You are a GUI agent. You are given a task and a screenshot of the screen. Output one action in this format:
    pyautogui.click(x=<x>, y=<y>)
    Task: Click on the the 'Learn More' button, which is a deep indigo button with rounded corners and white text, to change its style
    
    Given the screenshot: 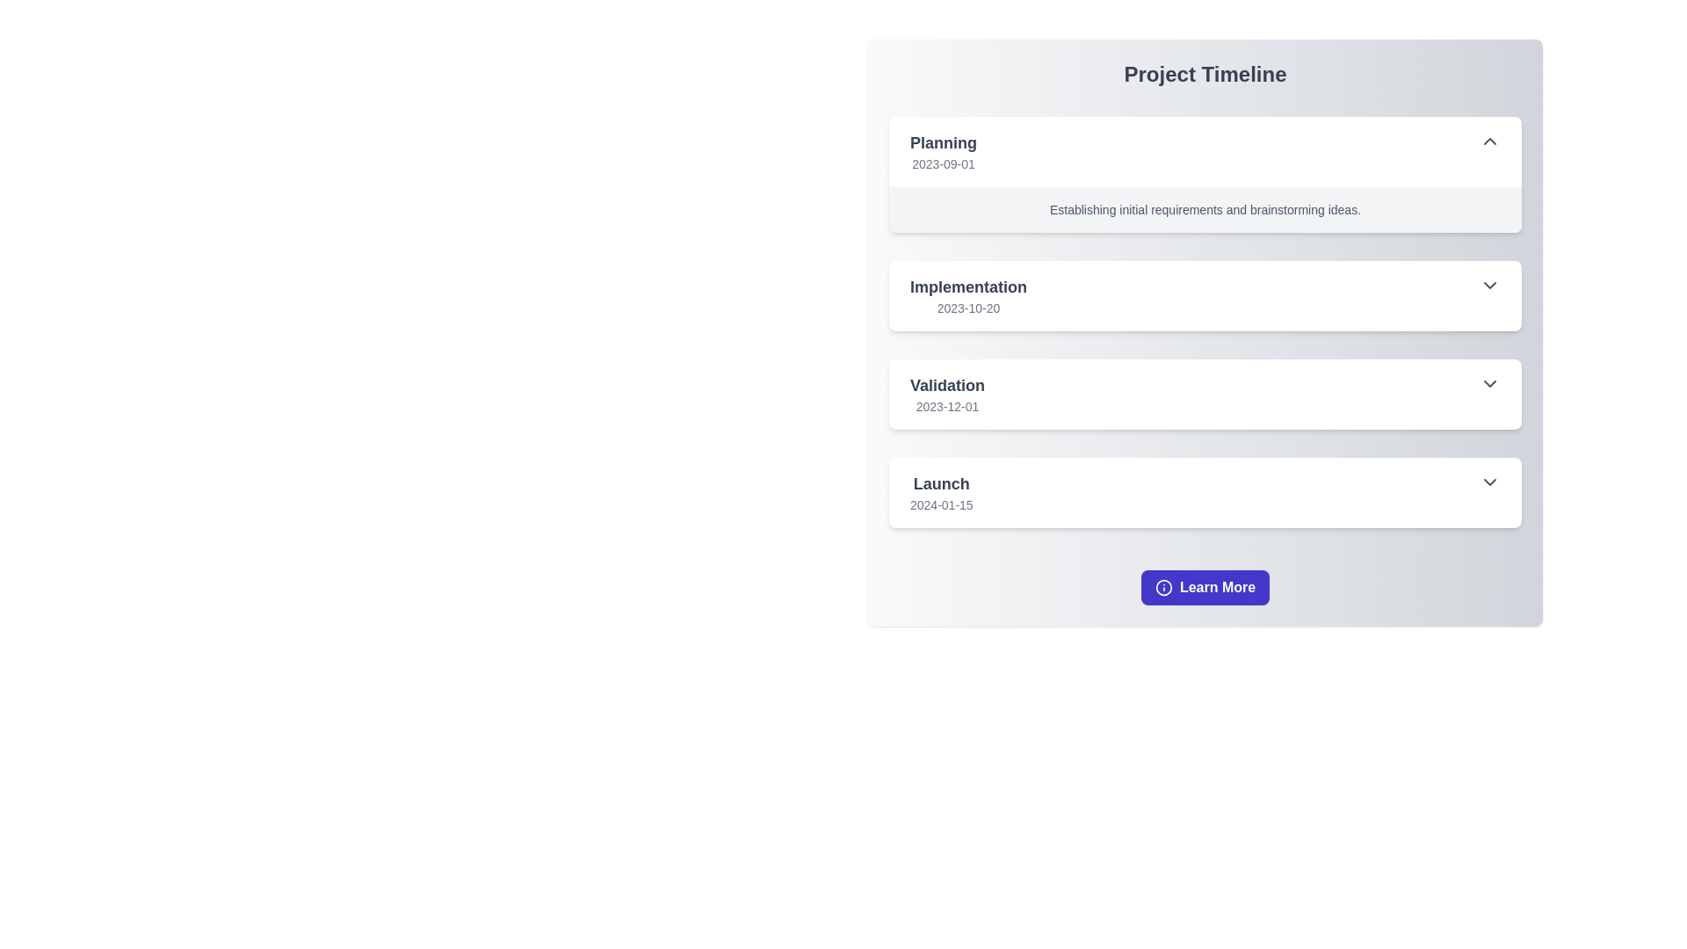 What is the action you would take?
    pyautogui.click(x=1205, y=587)
    